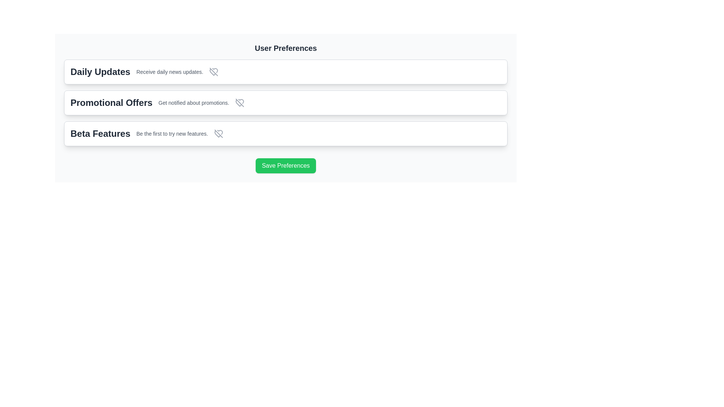 This screenshot has height=407, width=724. I want to click on the static text element that reads 'Receive daily news updates.' positioned below the 'Daily Updates' header, so click(169, 72).